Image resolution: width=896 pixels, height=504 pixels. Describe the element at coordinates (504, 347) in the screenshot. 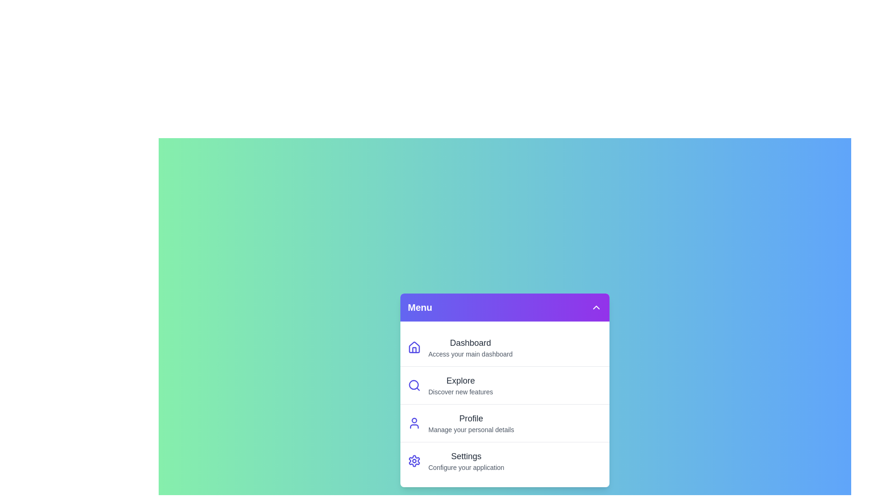

I see `the menu item Dashboard from the menu` at that location.